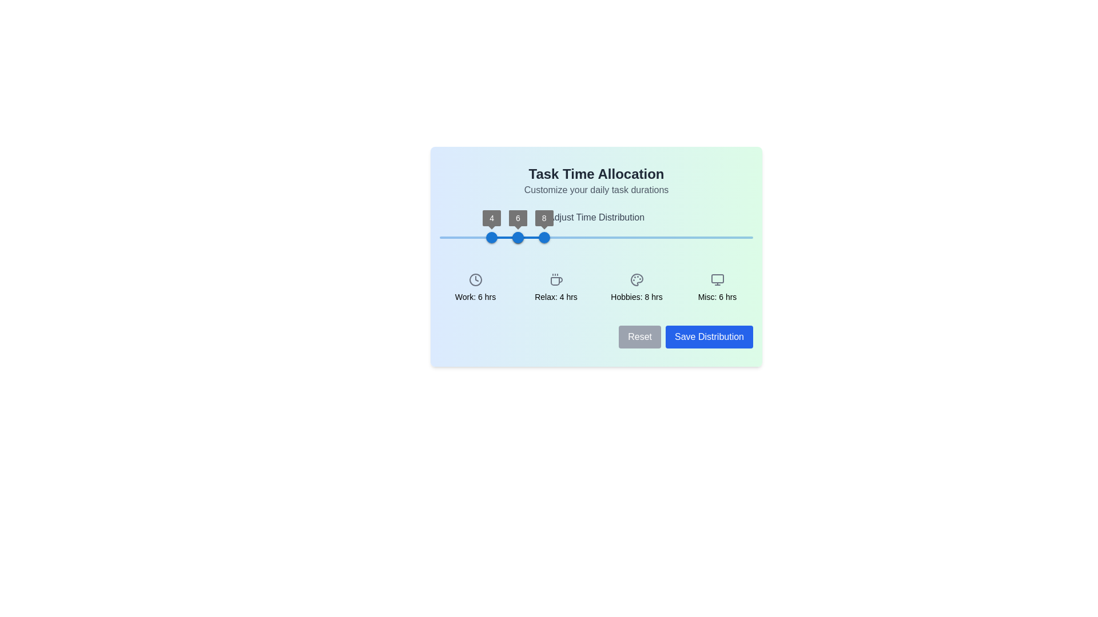 Image resolution: width=1098 pixels, height=617 pixels. Describe the element at coordinates (717, 287) in the screenshot. I see `the label indicating the allocated duration of 6 hours for miscellaneous activities, which is represented by a monitor icon and is located in the bottom right of the four-column grid` at that location.